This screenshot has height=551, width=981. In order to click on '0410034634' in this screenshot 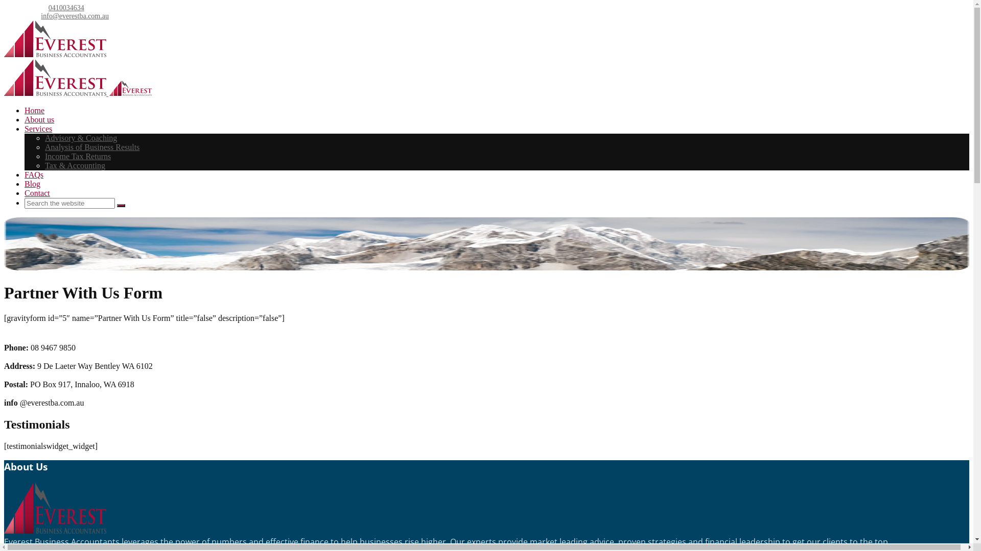, I will do `click(65, 8)`.